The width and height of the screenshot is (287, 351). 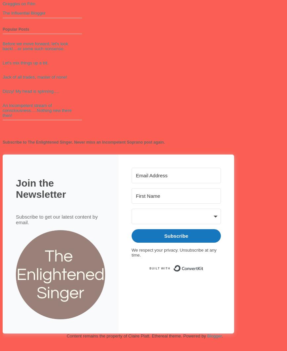 What do you see at coordinates (16, 29) in the screenshot?
I see `'Popular Posts'` at bounding box center [16, 29].